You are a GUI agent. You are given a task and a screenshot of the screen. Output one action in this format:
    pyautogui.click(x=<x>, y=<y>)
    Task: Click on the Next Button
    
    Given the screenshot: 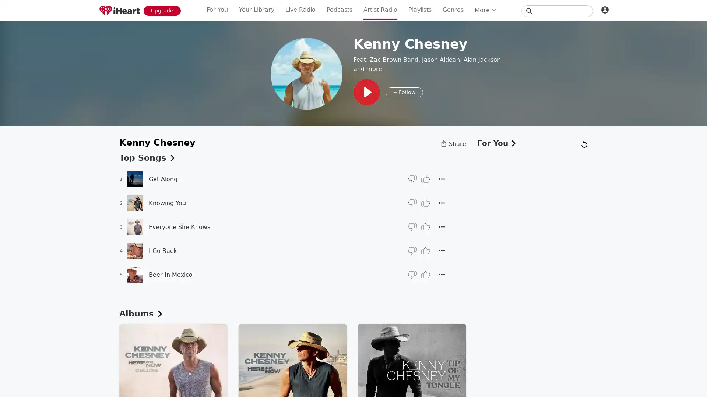 What is the action you would take?
    pyautogui.click(x=373, y=379)
    